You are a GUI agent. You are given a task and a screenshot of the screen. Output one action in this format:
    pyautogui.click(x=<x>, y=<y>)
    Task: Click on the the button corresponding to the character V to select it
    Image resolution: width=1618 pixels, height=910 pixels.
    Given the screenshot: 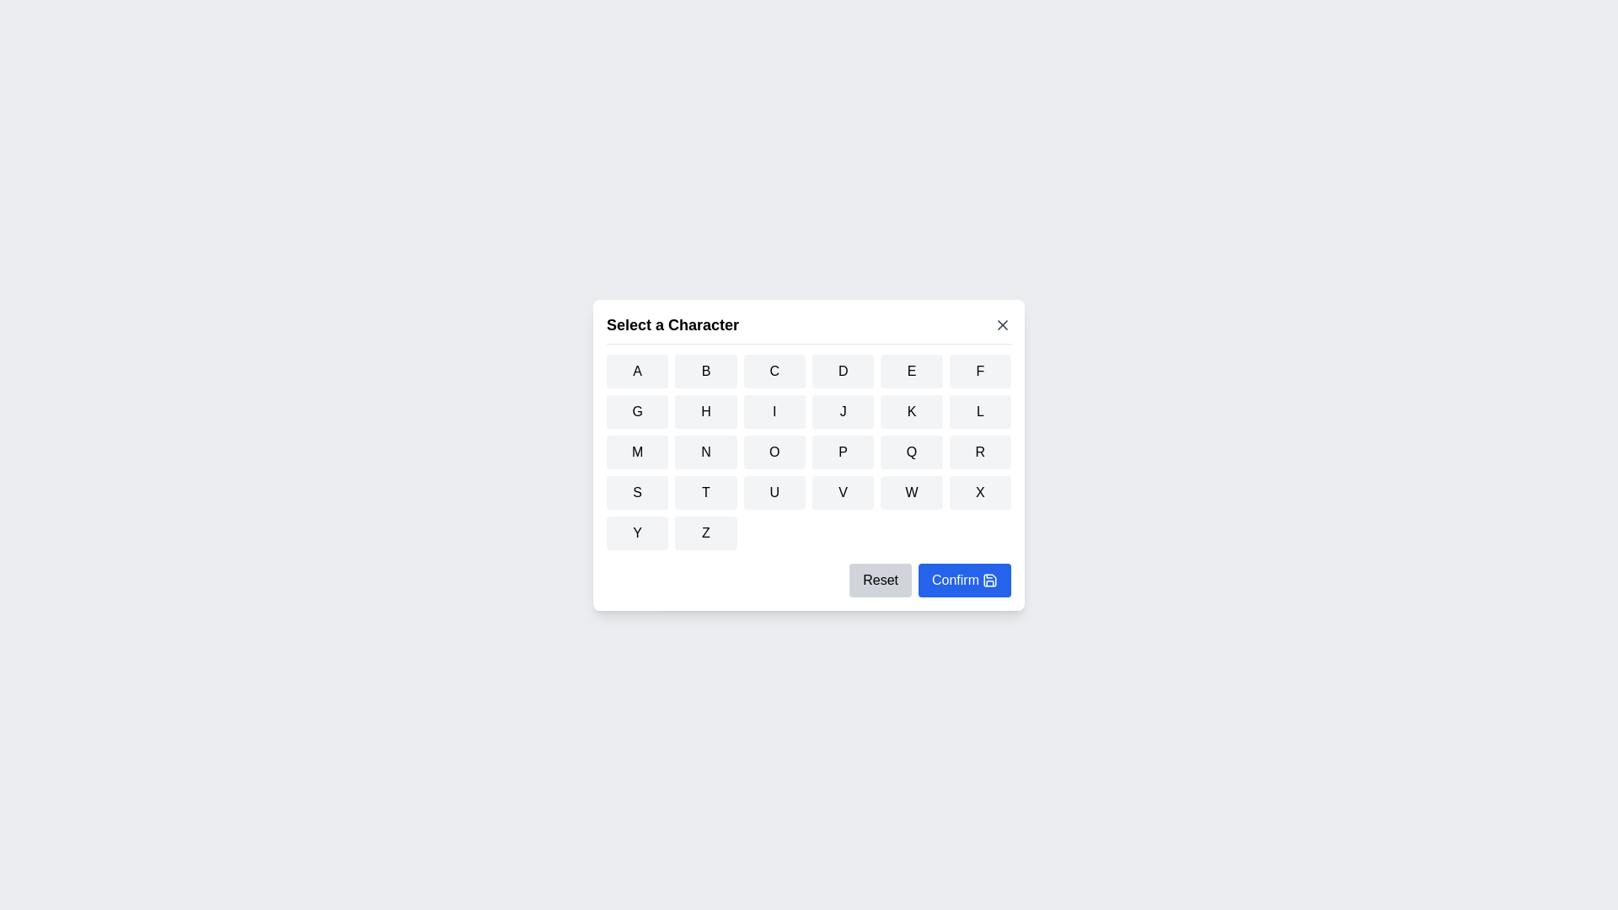 What is the action you would take?
    pyautogui.click(x=844, y=491)
    